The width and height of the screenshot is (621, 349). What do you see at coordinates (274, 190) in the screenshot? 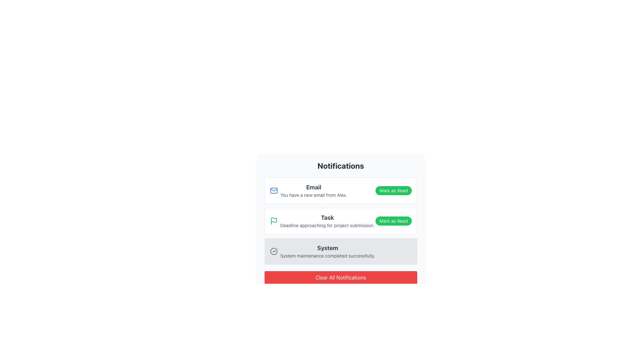
I see `the email icon located to the far left within the 'Email' notification card, adjacent to the bolded 'Email' text` at bounding box center [274, 190].